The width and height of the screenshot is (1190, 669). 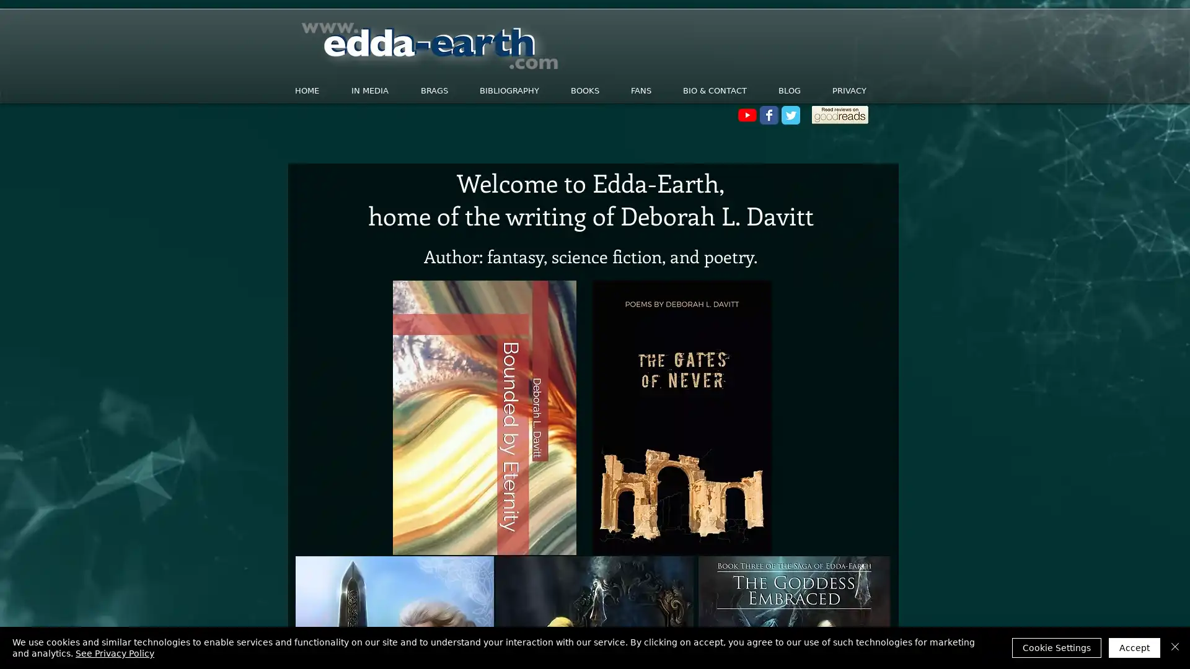 I want to click on Close, so click(x=1175, y=647).